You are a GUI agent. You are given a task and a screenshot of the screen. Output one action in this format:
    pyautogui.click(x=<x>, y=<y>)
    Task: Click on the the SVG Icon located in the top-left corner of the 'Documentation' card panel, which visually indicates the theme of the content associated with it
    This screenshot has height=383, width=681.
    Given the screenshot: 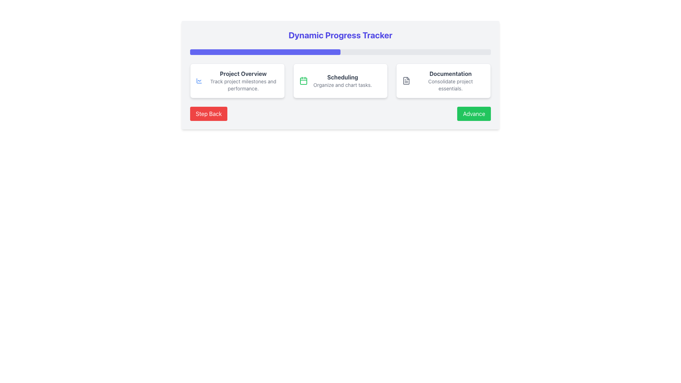 What is the action you would take?
    pyautogui.click(x=406, y=80)
    